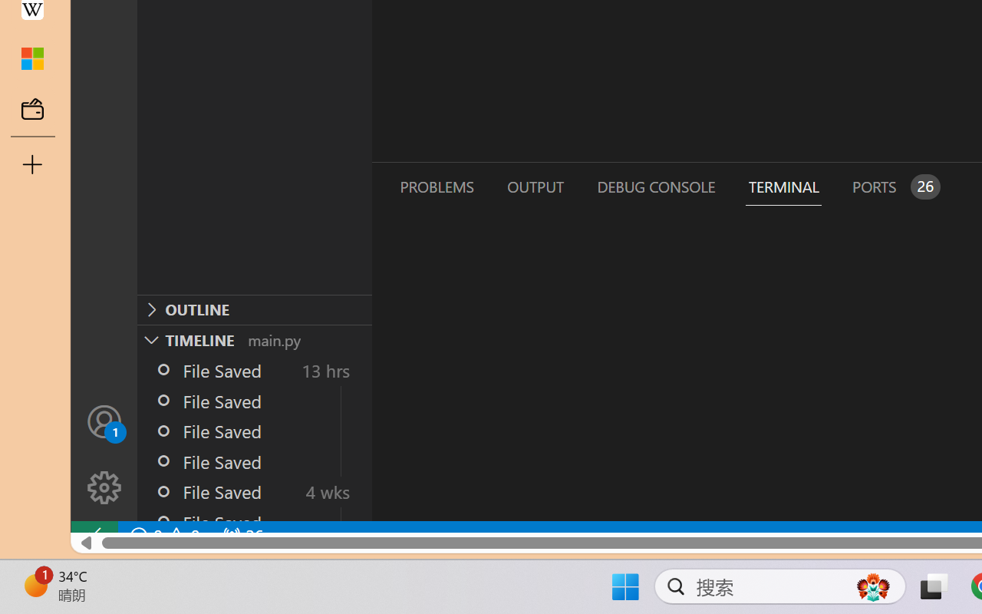  Describe the element at coordinates (435, 186) in the screenshot. I see `'Problems (Ctrl+Shift+M)'` at that location.